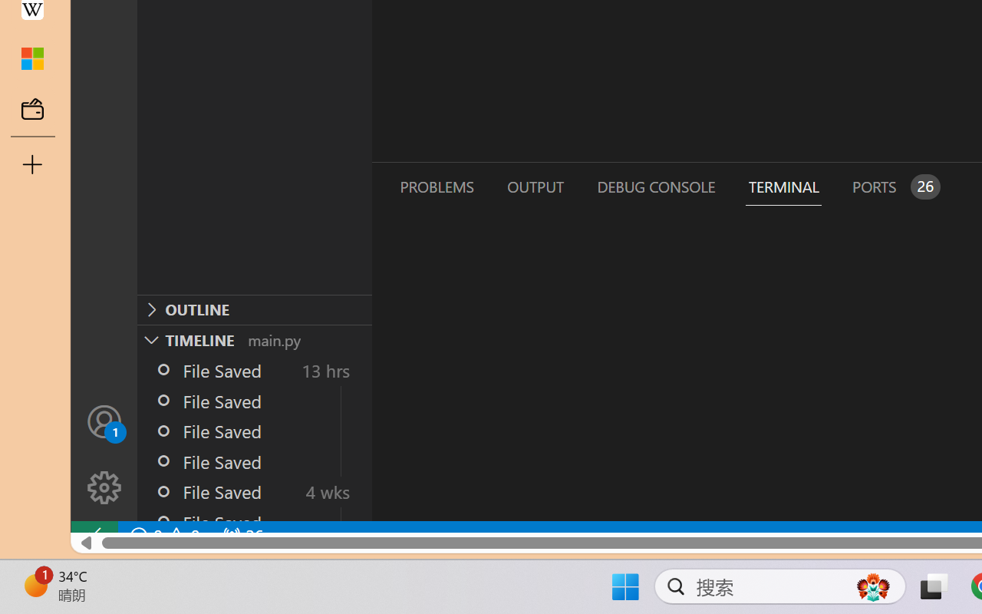  Describe the element at coordinates (435, 186) in the screenshot. I see `'Problems (Ctrl+Shift+M)'` at that location.